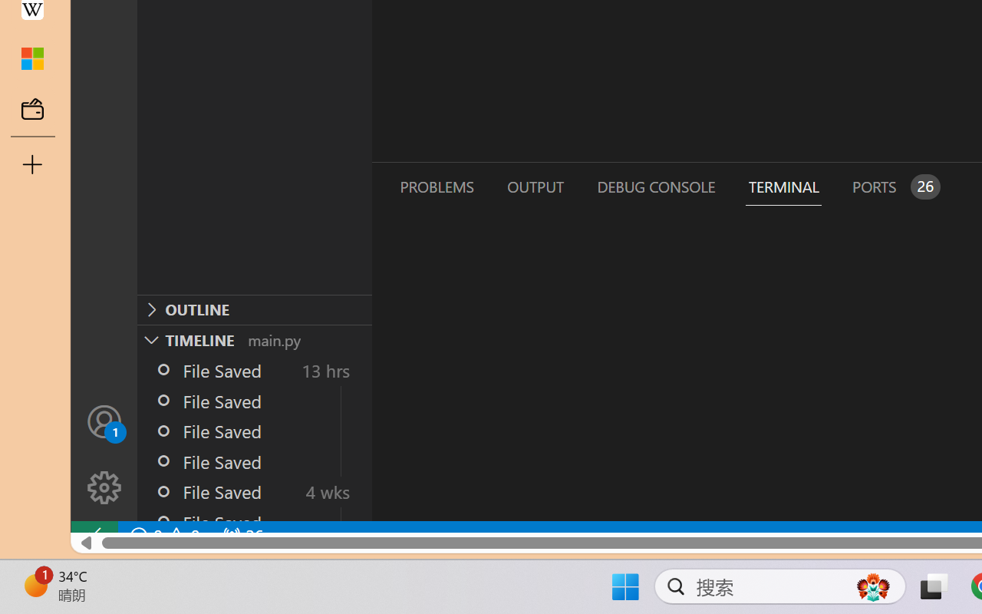  Describe the element at coordinates (435, 186) in the screenshot. I see `'Problems (Ctrl+Shift+M)'` at that location.